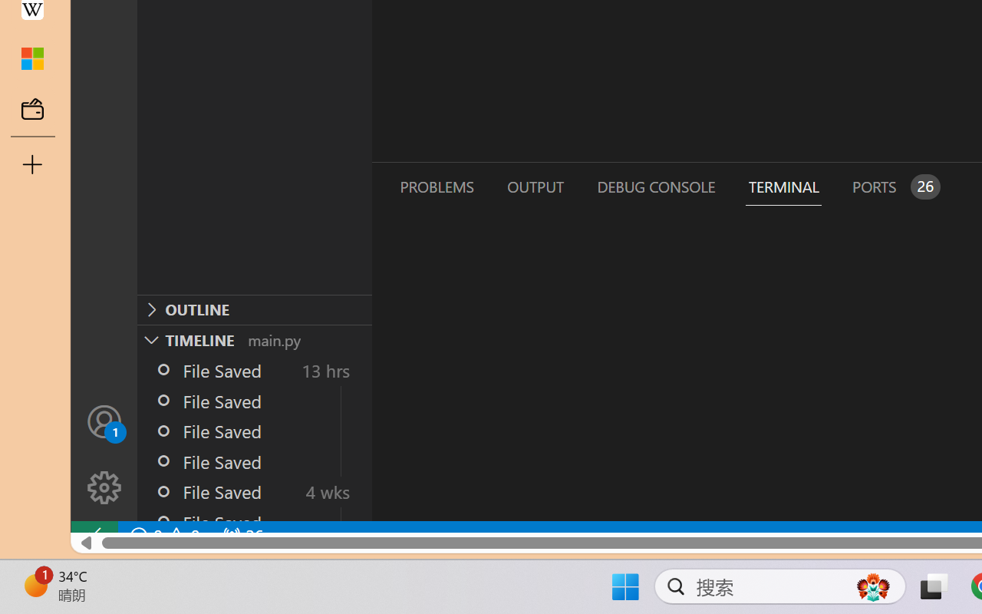  Describe the element at coordinates (435, 186) in the screenshot. I see `'Problems (Ctrl+Shift+M)'` at that location.